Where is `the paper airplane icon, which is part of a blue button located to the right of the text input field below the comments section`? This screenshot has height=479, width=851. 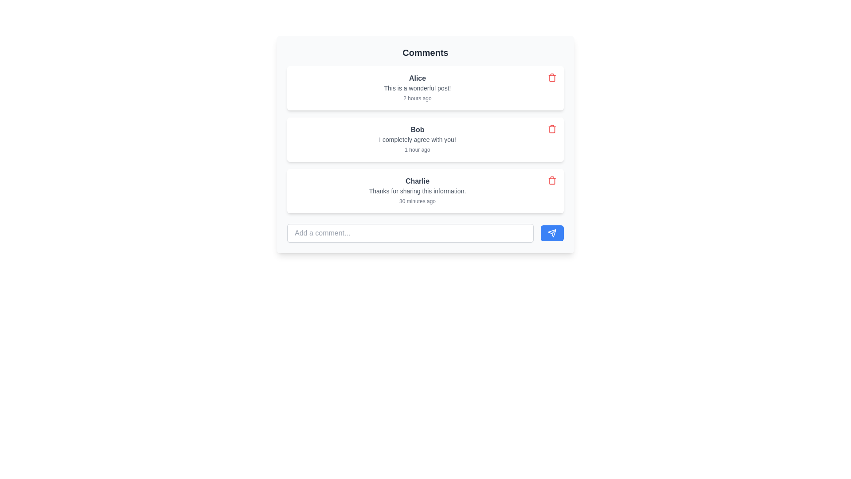
the paper airplane icon, which is part of a blue button located to the right of the text input field below the comments section is located at coordinates (552, 232).